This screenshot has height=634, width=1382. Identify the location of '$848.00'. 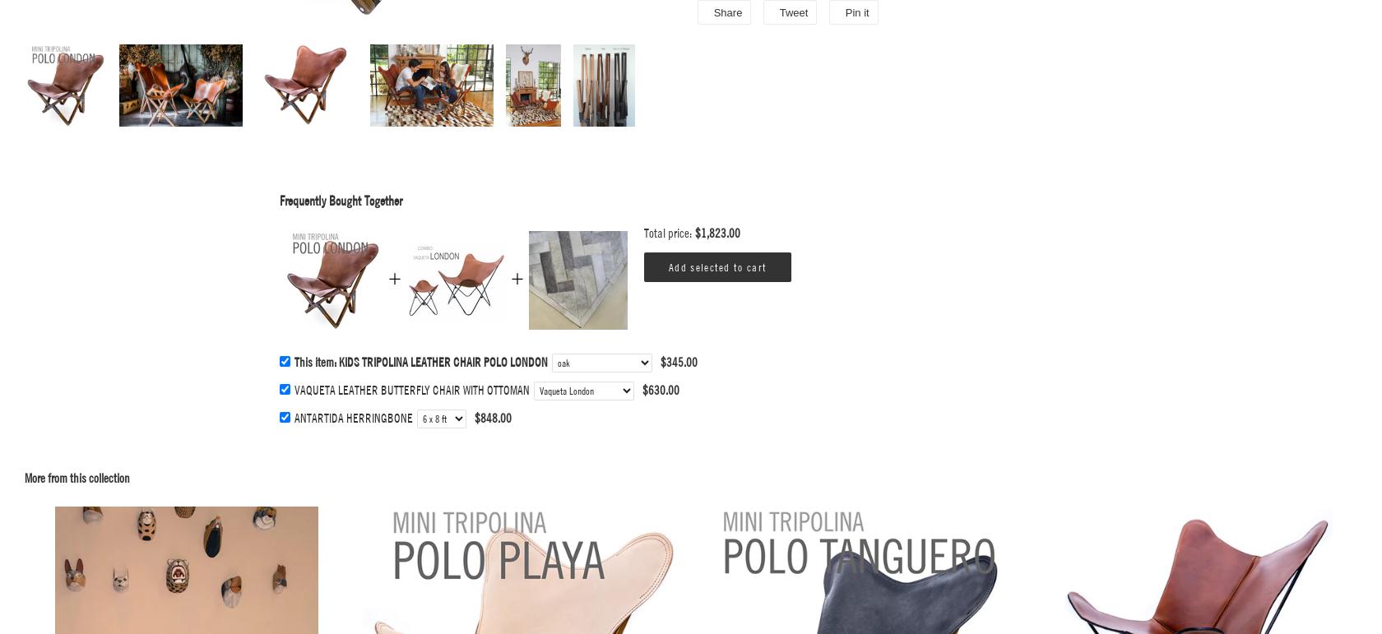
(492, 416).